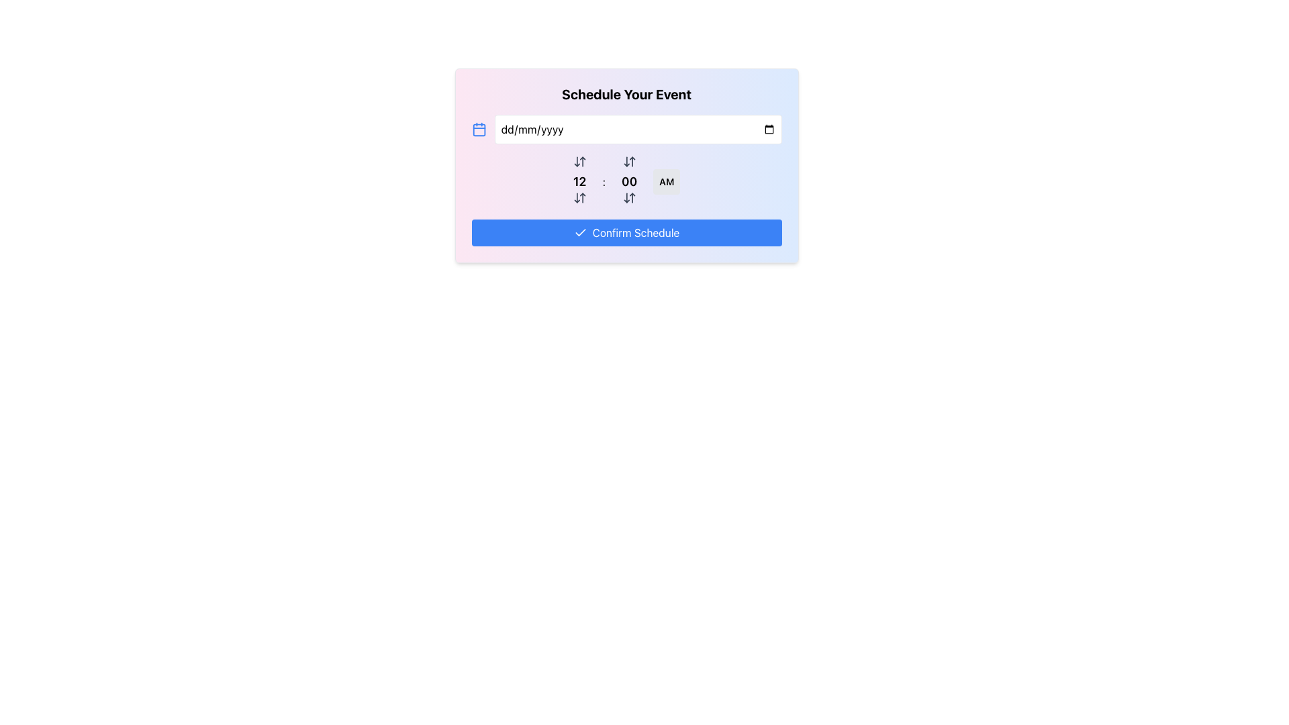 The image size is (1289, 725). I want to click on the seventh button in the time input section, located to the right of the text '00', so click(628, 197).